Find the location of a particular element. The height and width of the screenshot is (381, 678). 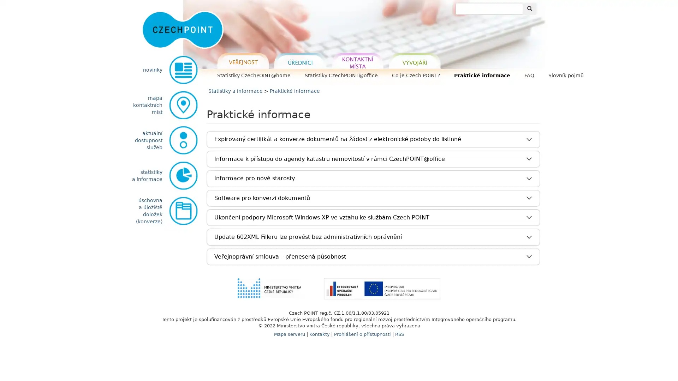

Odeslat is located at coordinates (529, 8).